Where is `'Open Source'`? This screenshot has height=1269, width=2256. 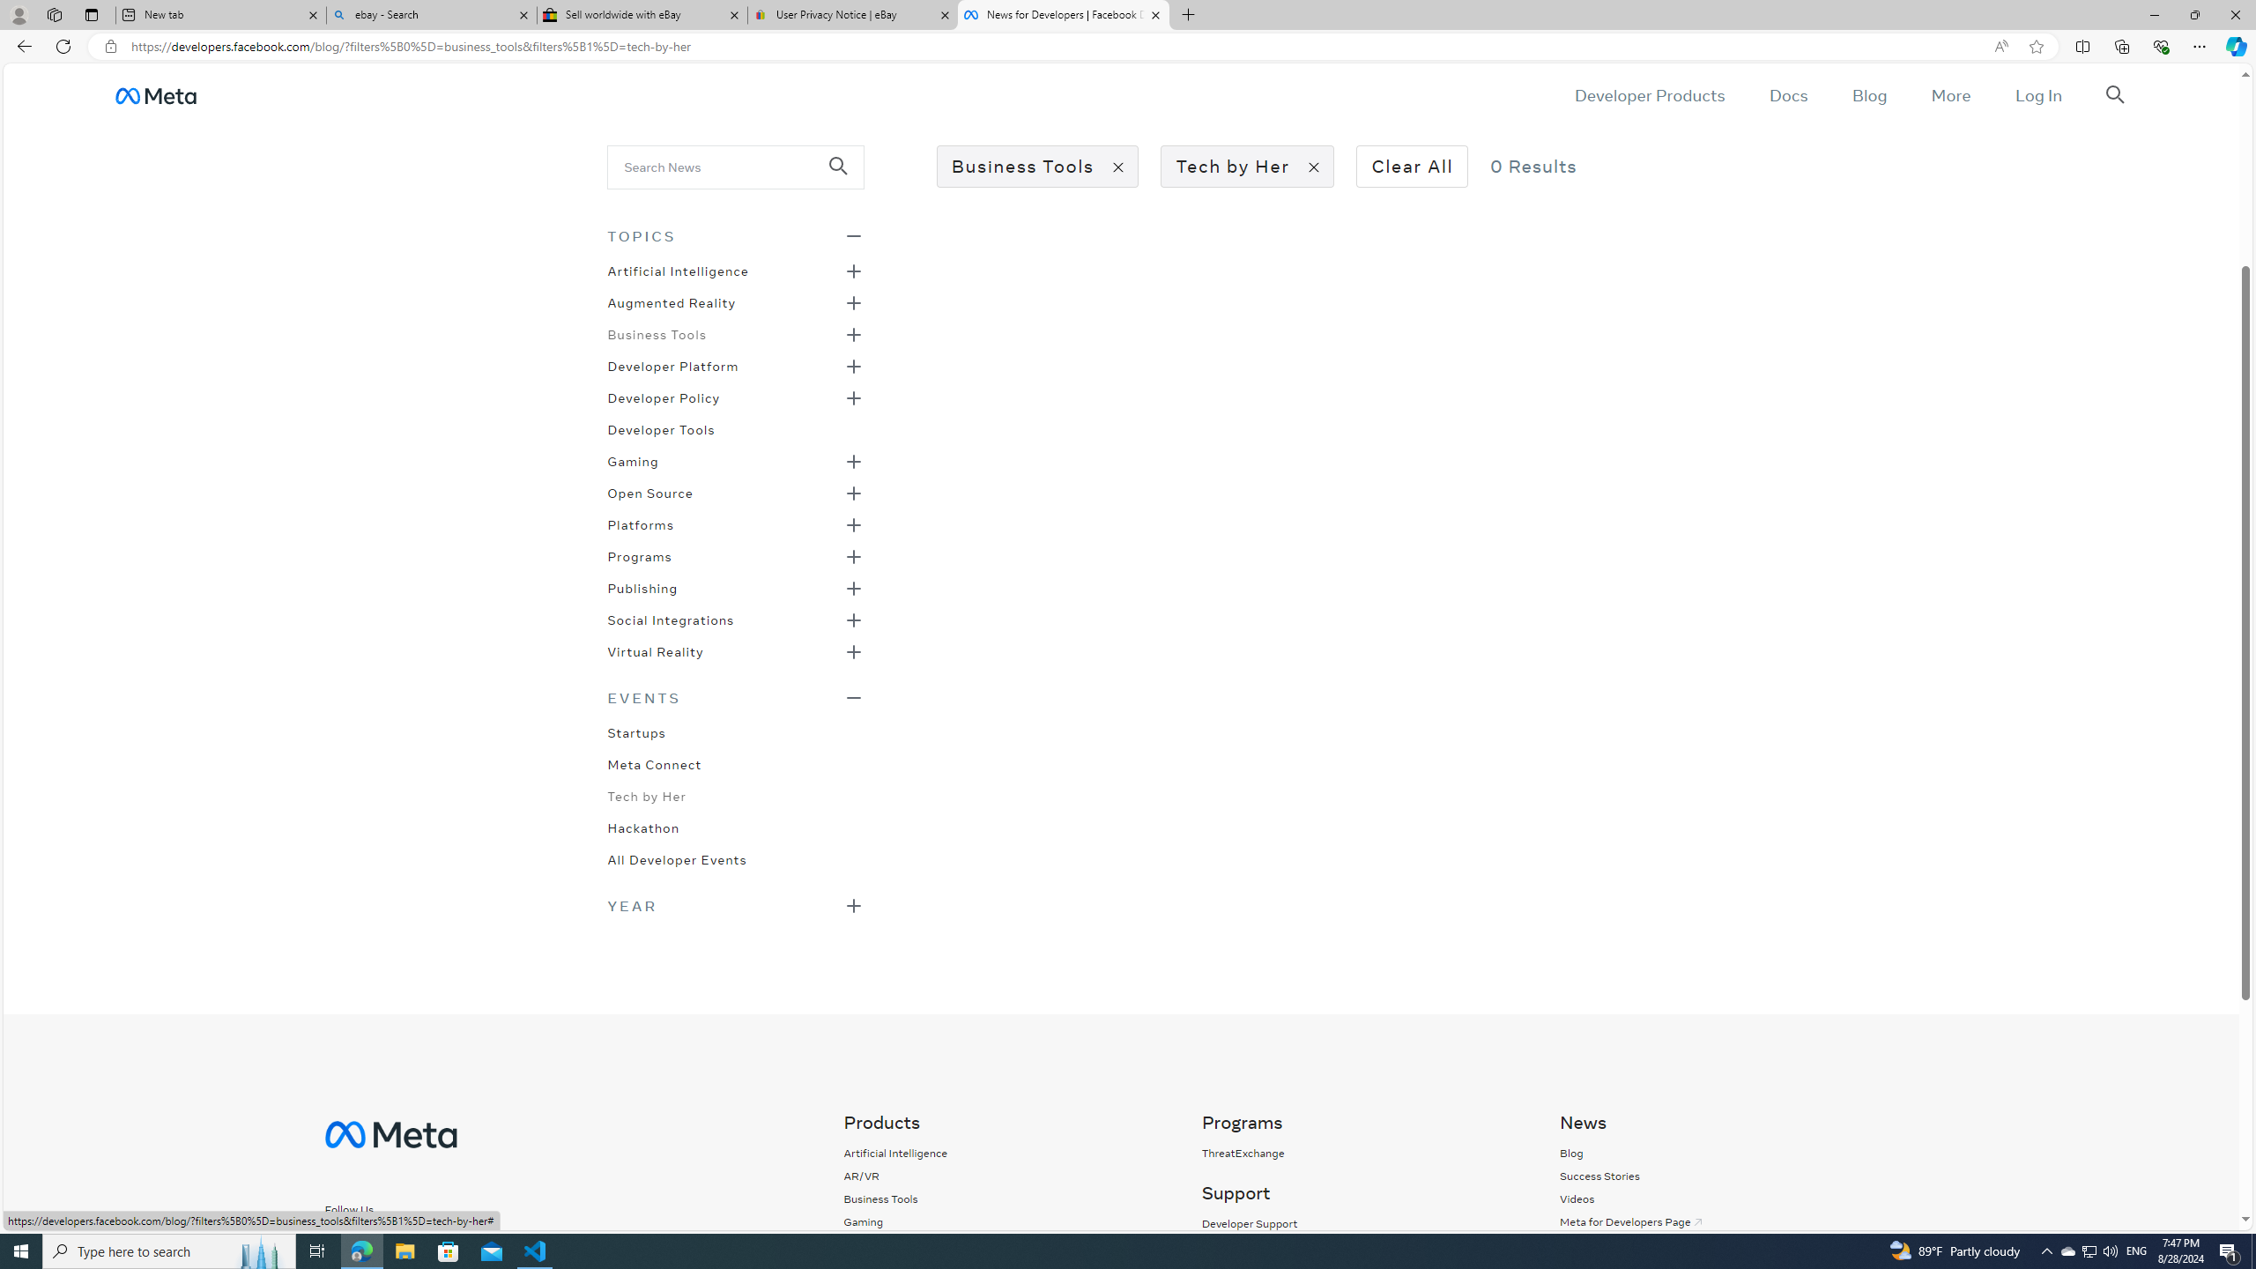 'Open Source' is located at coordinates (649, 492).